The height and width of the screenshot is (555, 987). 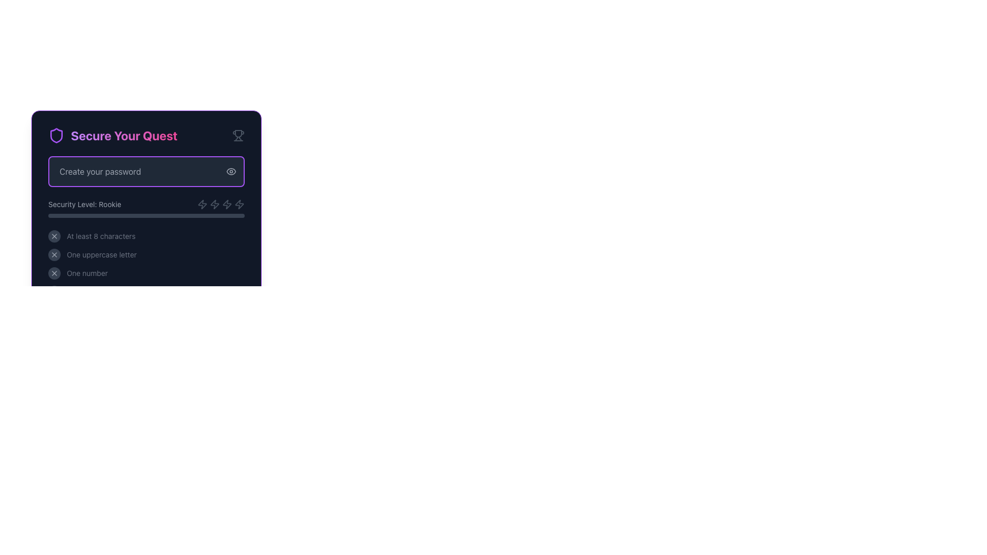 I want to click on the eye-shaped icon button, so click(x=231, y=171).